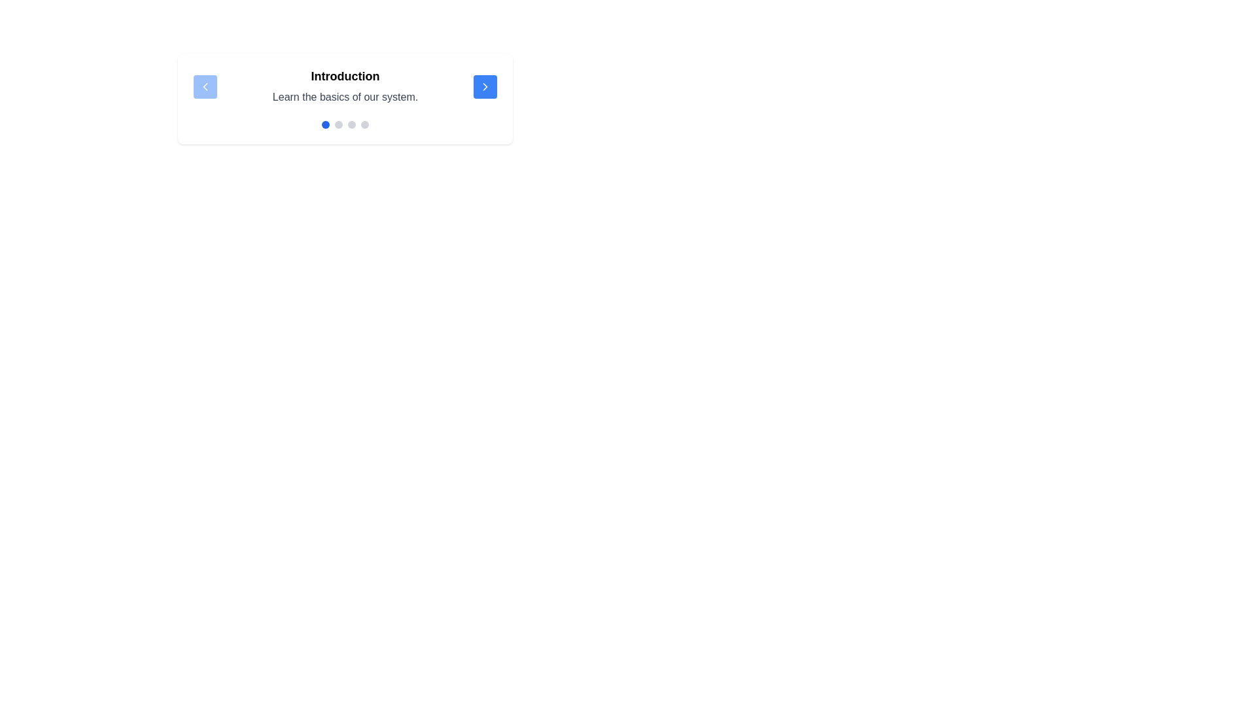 The width and height of the screenshot is (1256, 706). What do you see at coordinates (485, 86) in the screenshot?
I see `the navigation button located at the far right of the navigation bar below the title 'Introduction'` at bounding box center [485, 86].